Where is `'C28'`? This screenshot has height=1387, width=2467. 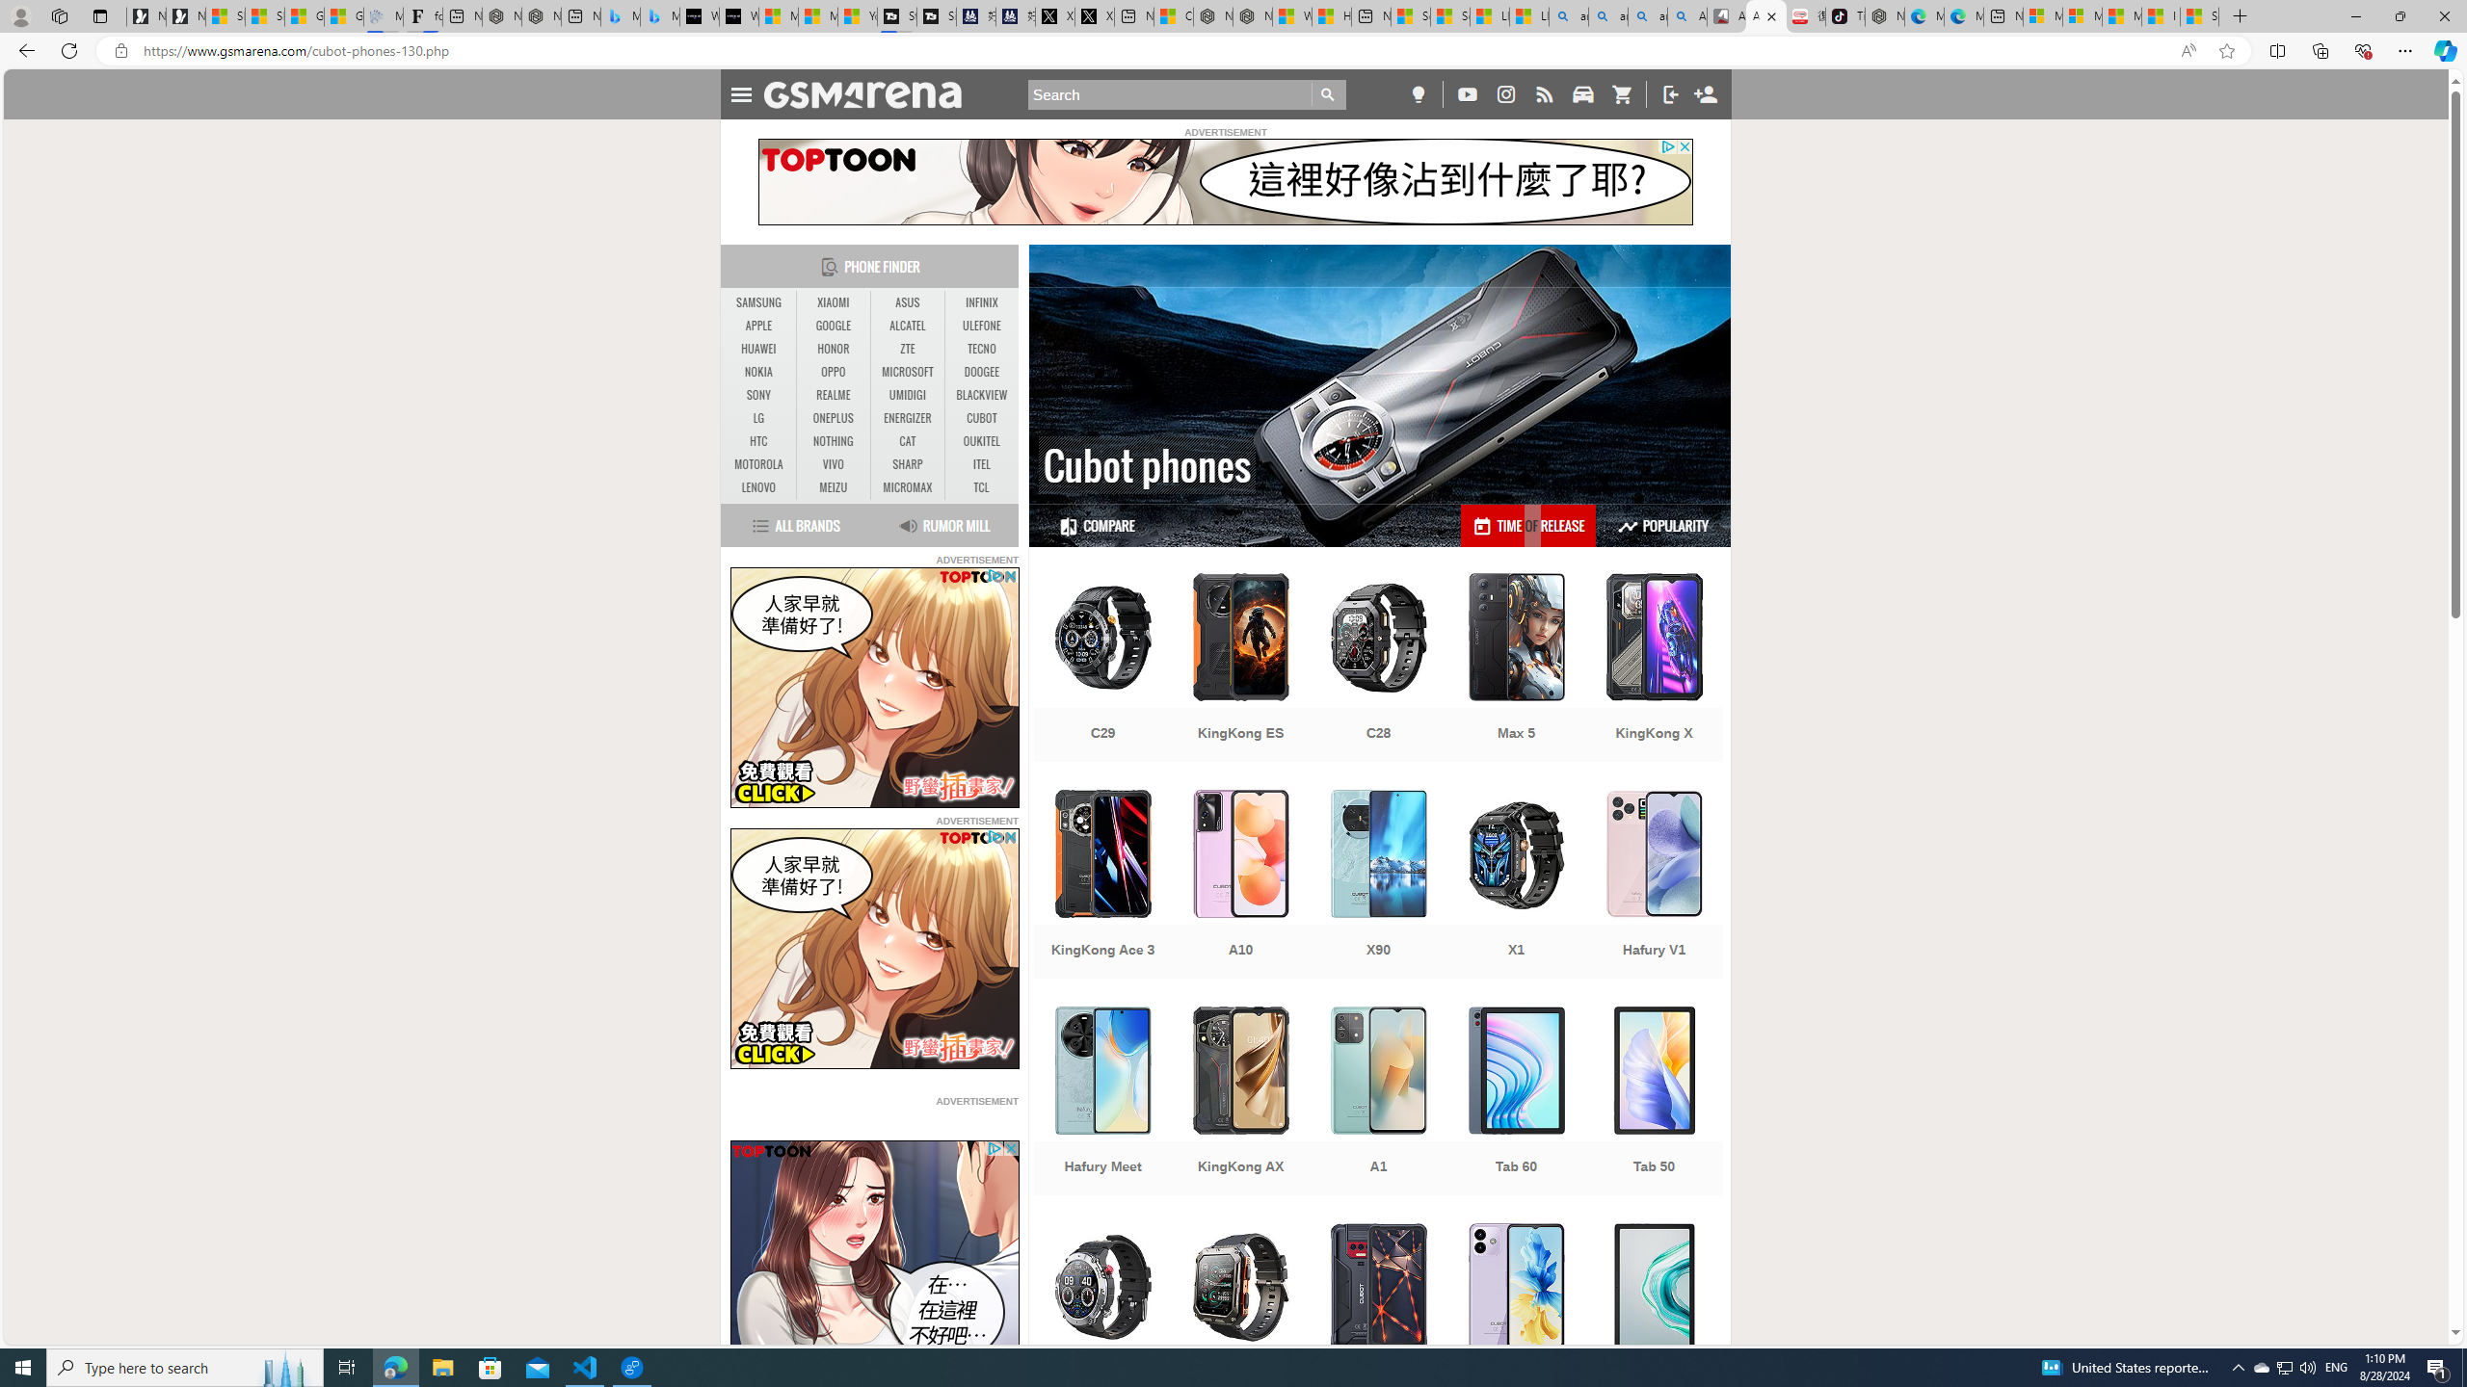 'C28' is located at coordinates (1378, 668).